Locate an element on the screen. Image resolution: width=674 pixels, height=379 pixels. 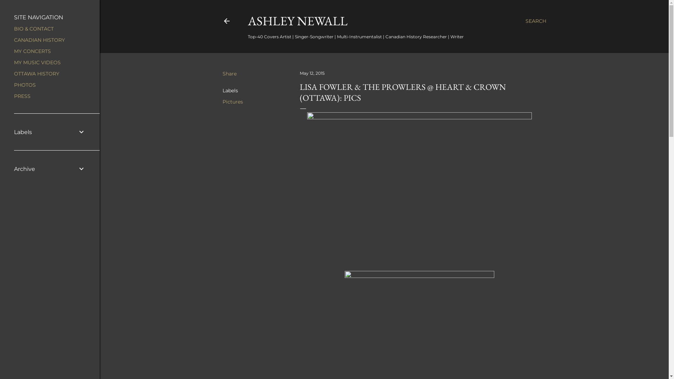
'SEARCH' is located at coordinates (535, 21).